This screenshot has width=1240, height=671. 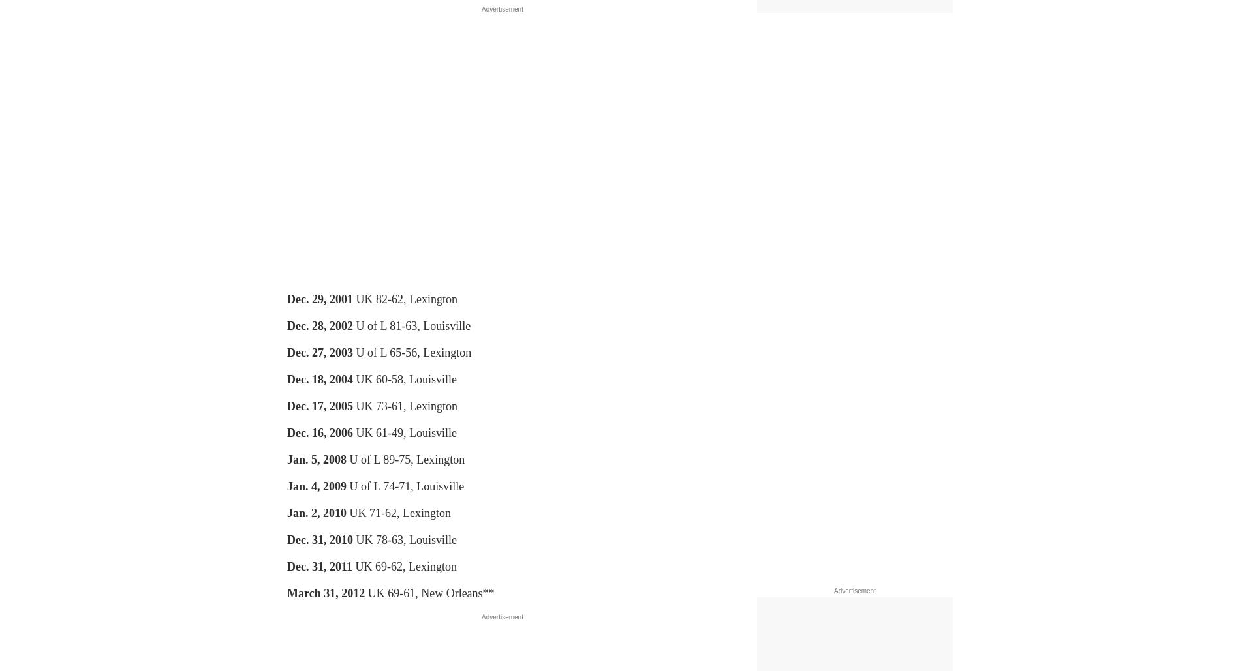 What do you see at coordinates (317, 458) in the screenshot?
I see `'Jan. 5, 2008'` at bounding box center [317, 458].